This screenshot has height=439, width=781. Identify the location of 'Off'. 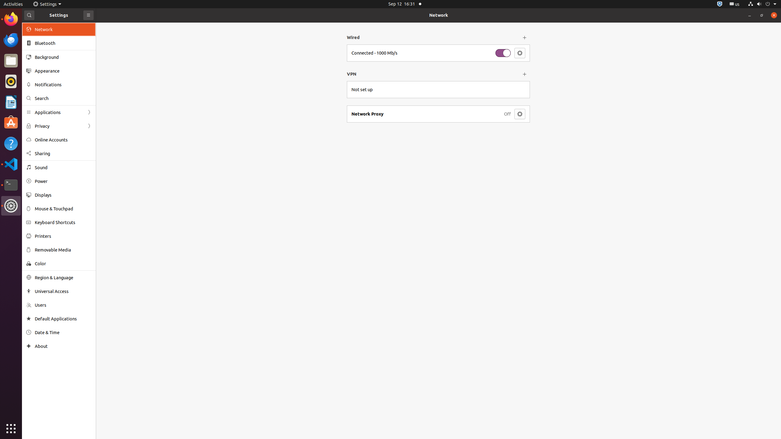
(507, 113).